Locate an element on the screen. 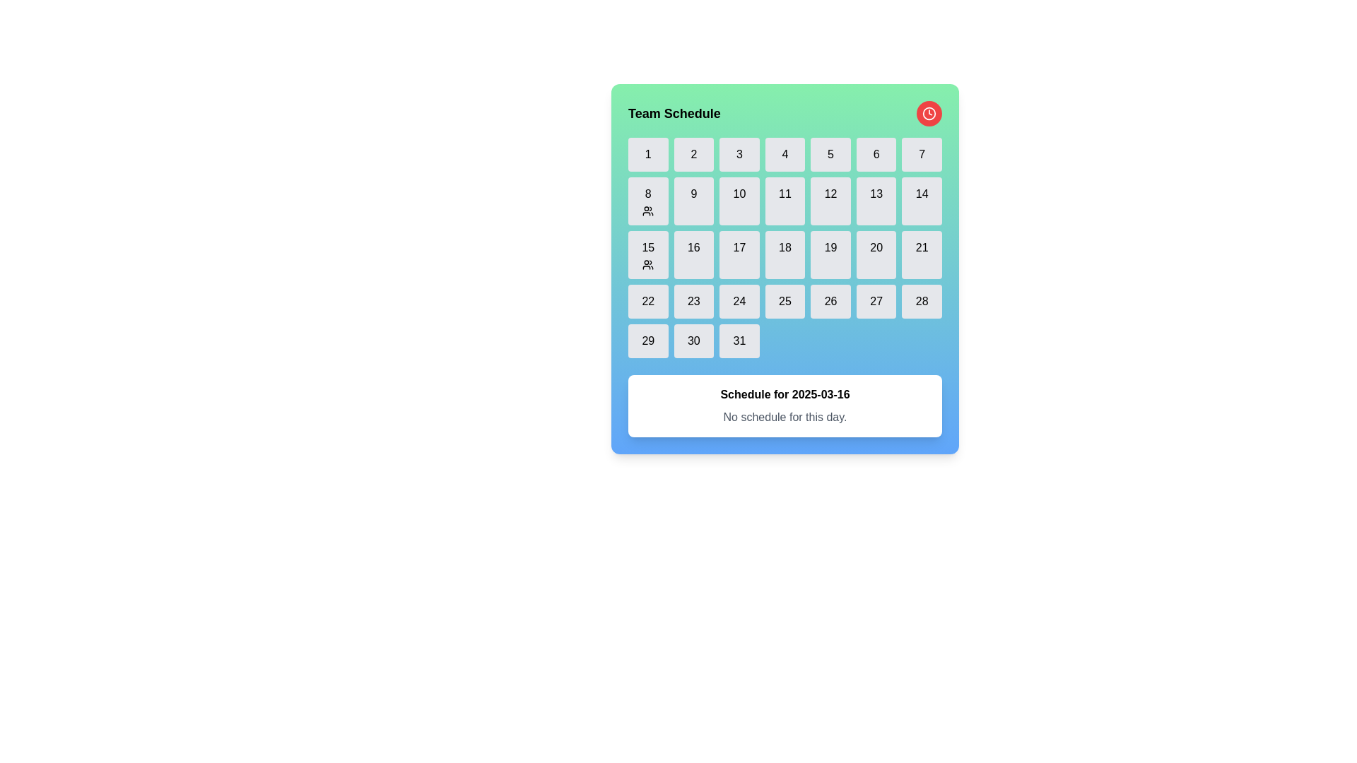 Image resolution: width=1357 pixels, height=763 pixels. the TextLabel representing the day 7 in the 'Team Schedule' calendar is located at coordinates (922, 155).